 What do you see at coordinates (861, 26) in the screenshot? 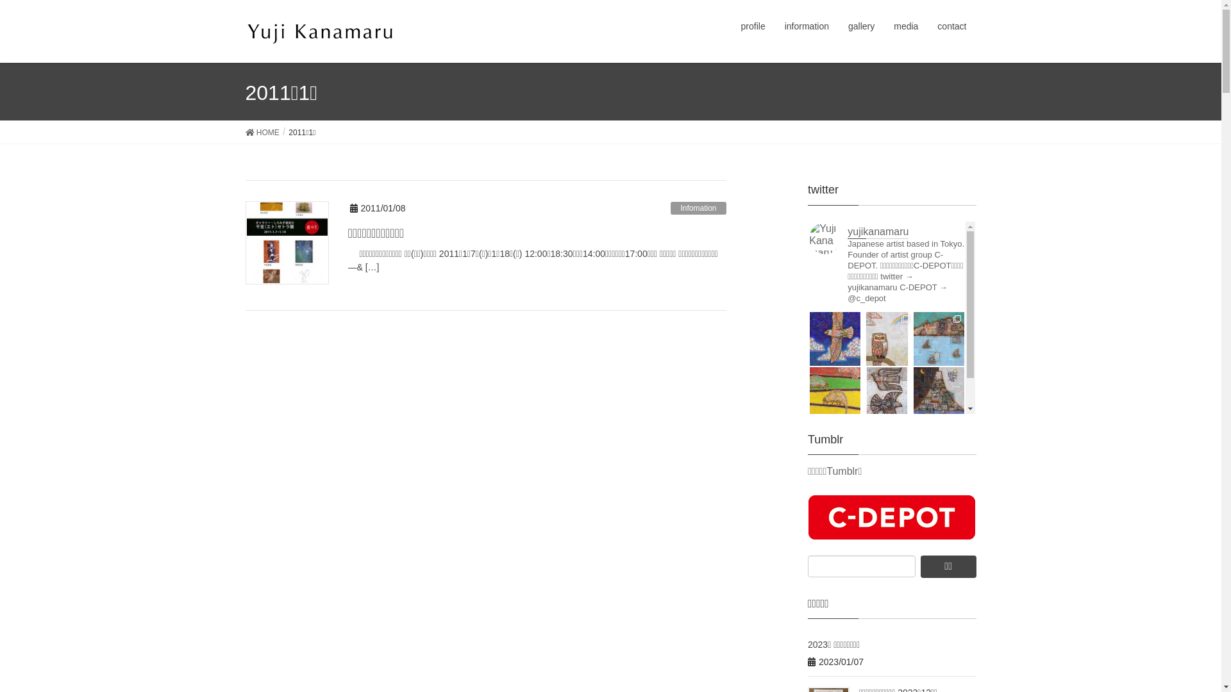
I see `'gallery'` at bounding box center [861, 26].